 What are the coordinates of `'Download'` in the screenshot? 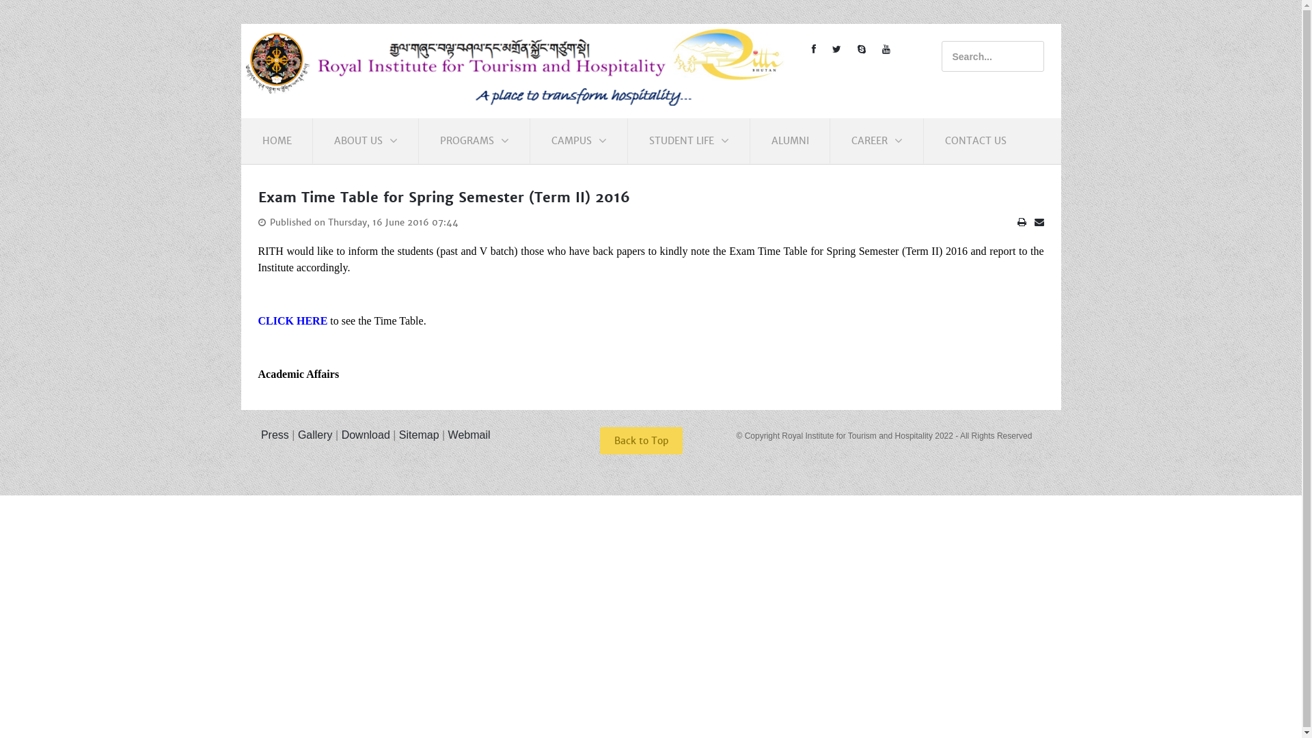 It's located at (366, 435).